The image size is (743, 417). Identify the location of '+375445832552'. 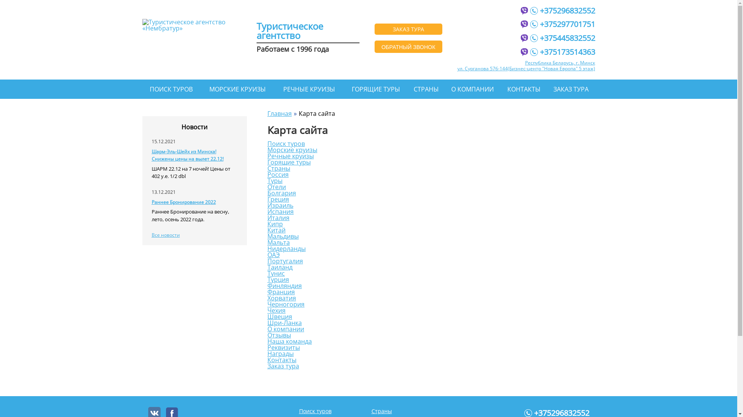
(563, 37).